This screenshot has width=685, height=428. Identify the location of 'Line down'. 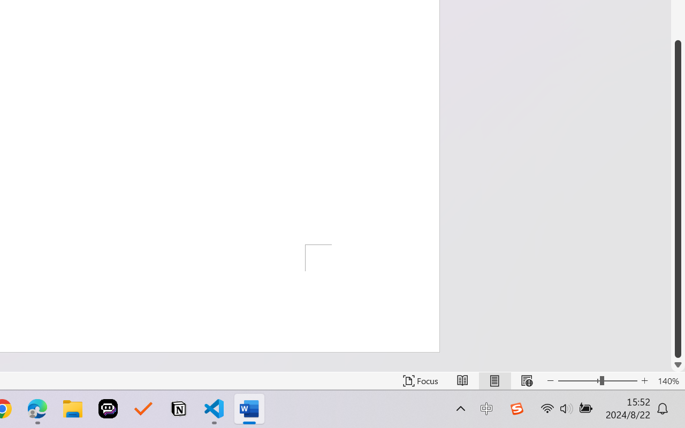
(678, 365).